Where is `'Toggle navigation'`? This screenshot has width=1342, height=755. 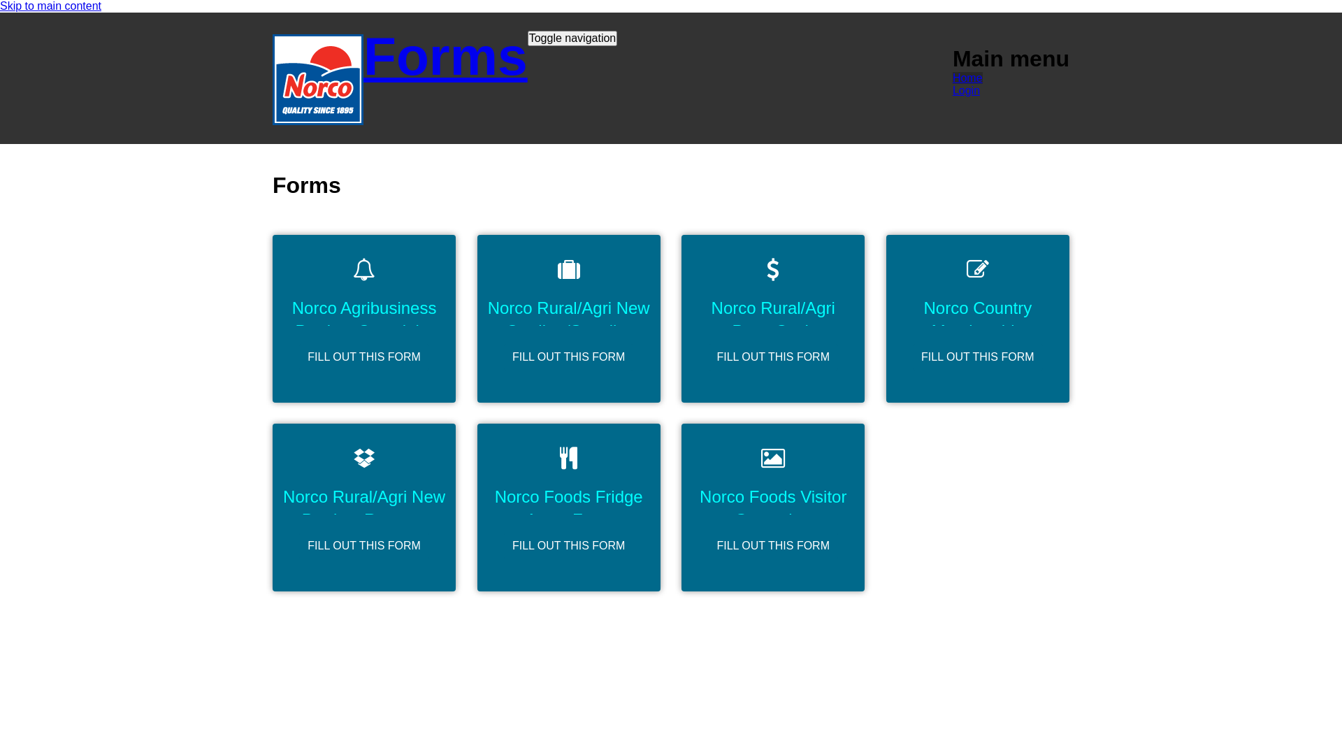
'Toggle navigation' is located at coordinates (572, 37).